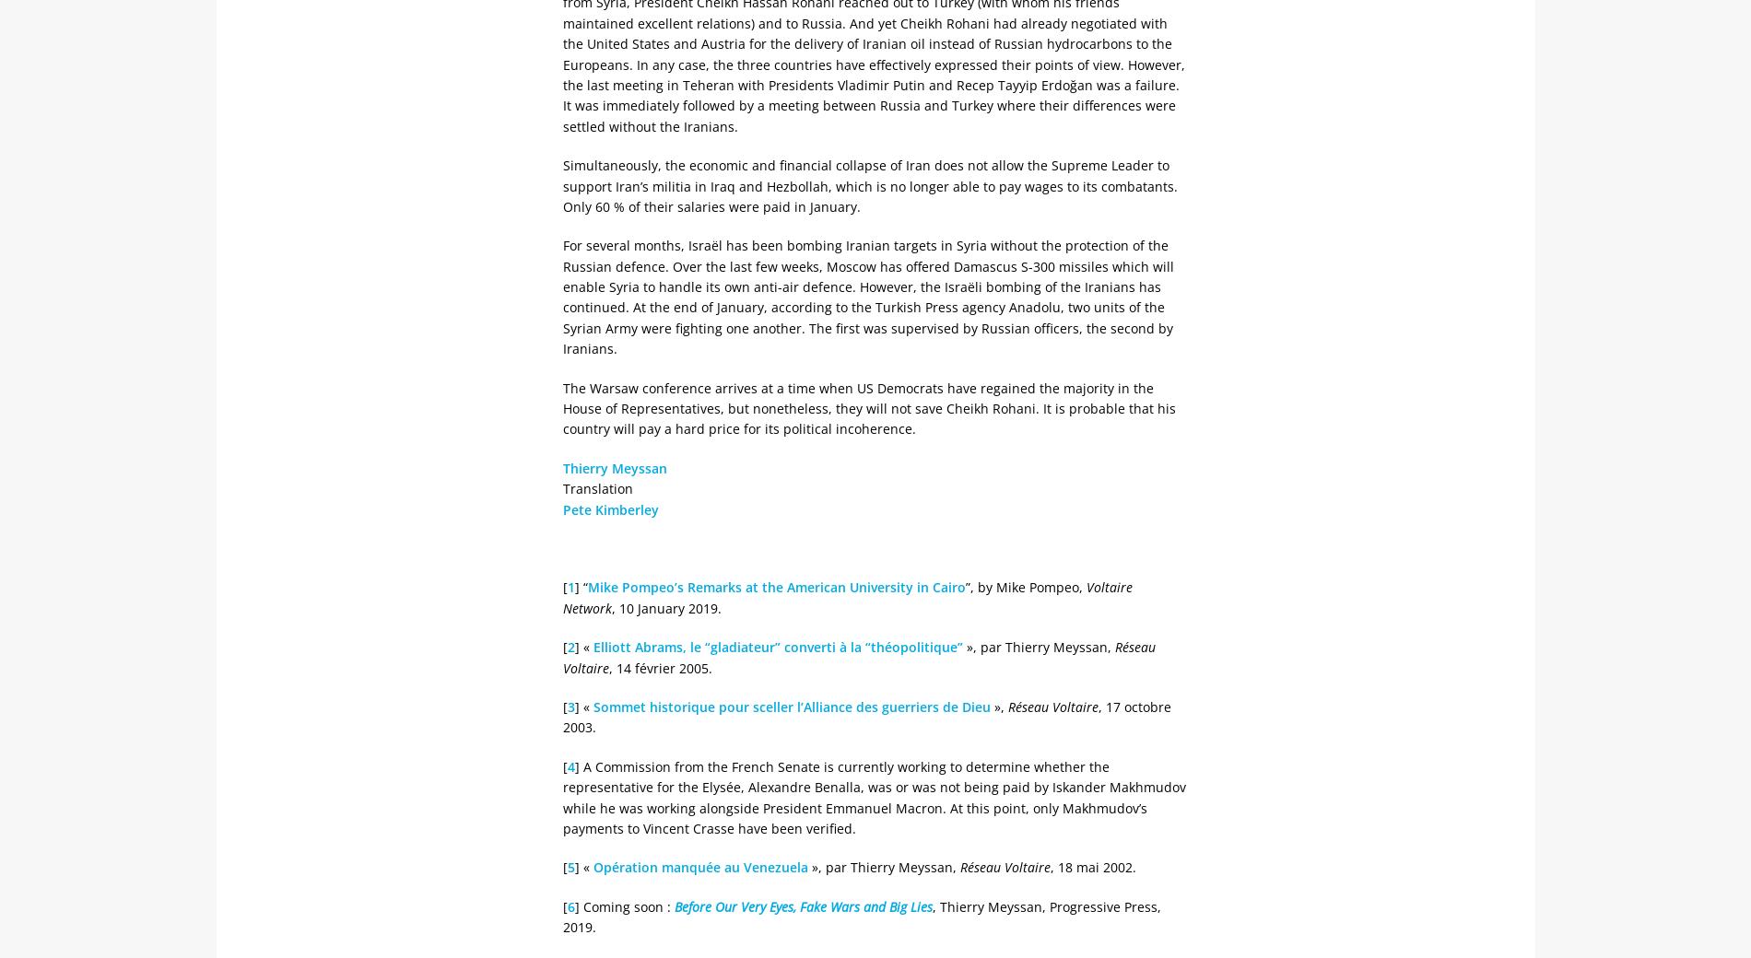  Describe the element at coordinates (570, 647) in the screenshot. I see `'2'` at that location.